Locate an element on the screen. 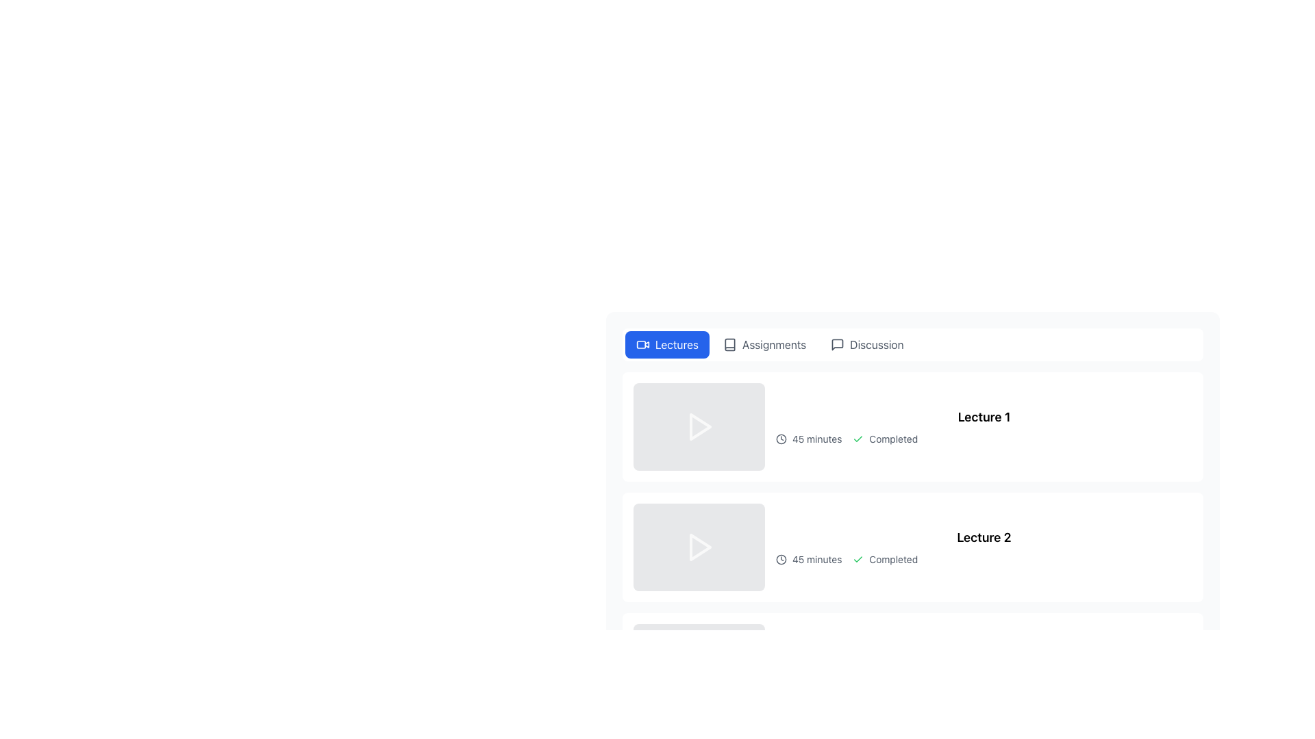 The height and width of the screenshot is (739, 1315). the 'Discussion' button, which features a speech bubble icon and changes background to light gray on hover is located at coordinates (866, 344).